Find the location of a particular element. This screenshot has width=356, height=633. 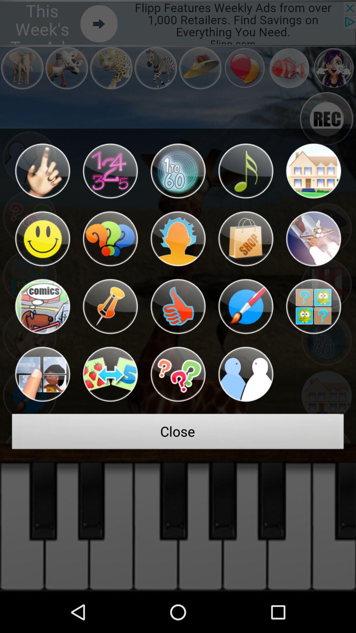

game option numbers is located at coordinates (178, 171).